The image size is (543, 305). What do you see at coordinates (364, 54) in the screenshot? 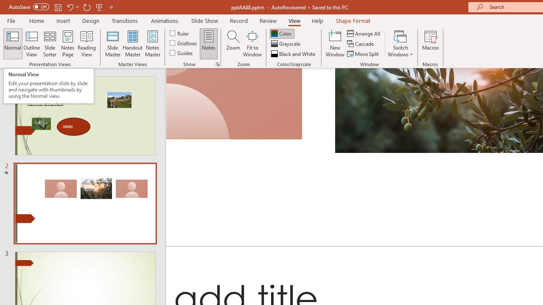
I see `'Move Split'` at bounding box center [364, 54].